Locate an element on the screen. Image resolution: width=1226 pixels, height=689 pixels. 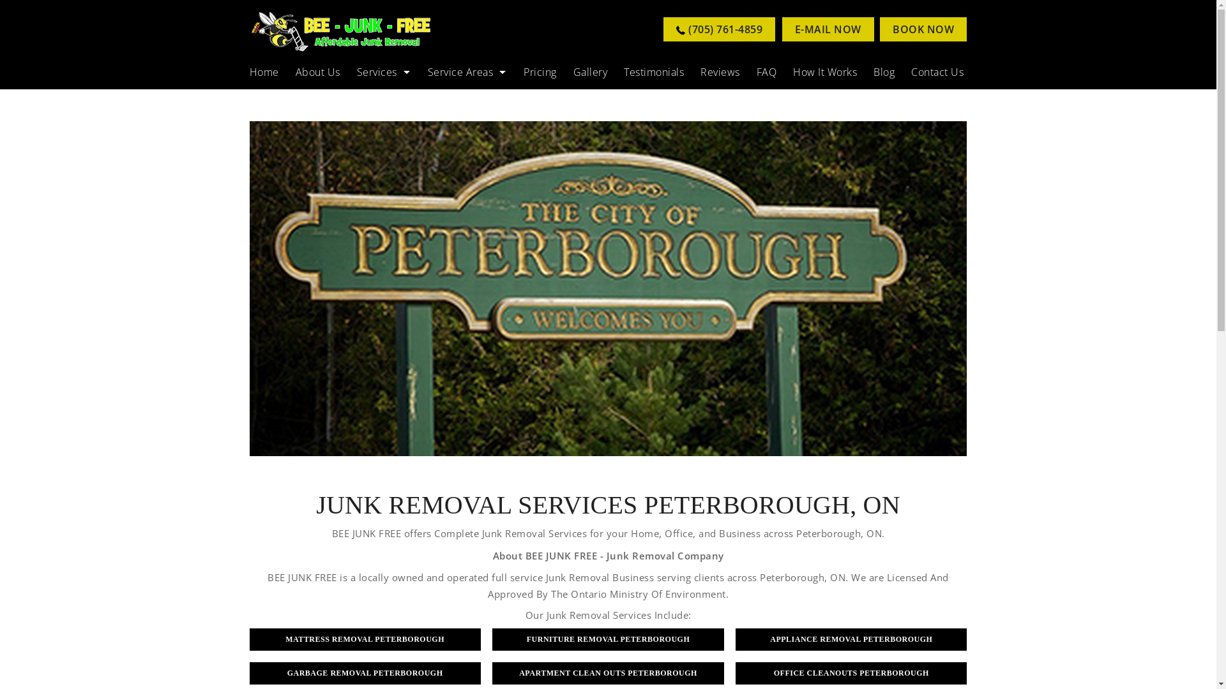
'Testimonials' is located at coordinates (653, 72).